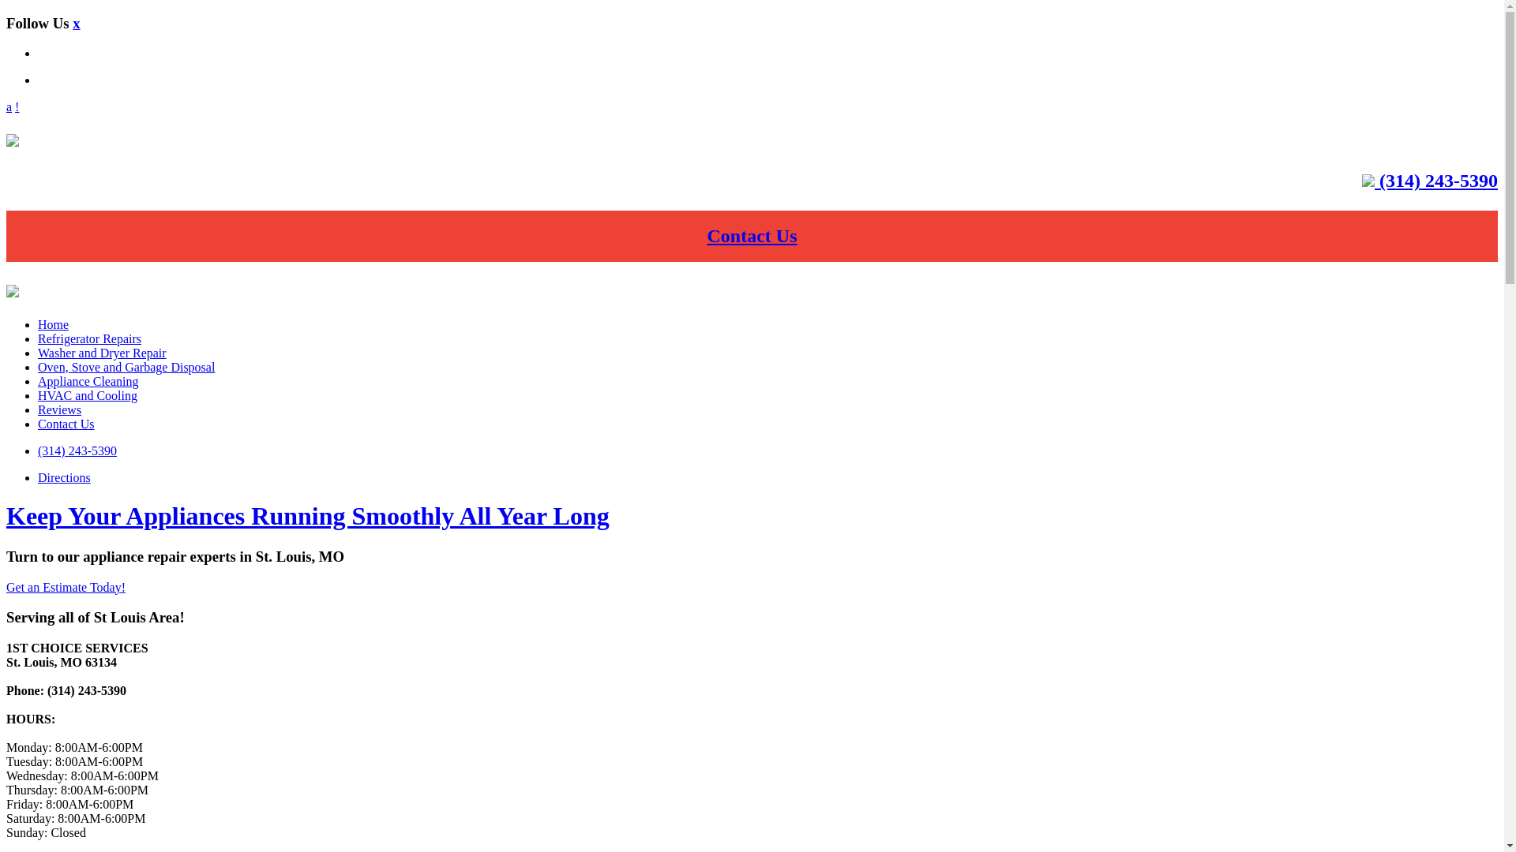 Image resolution: width=1516 pixels, height=852 pixels. Describe the element at coordinates (752, 236) in the screenshot. I see `'Contact Us'` at that location.